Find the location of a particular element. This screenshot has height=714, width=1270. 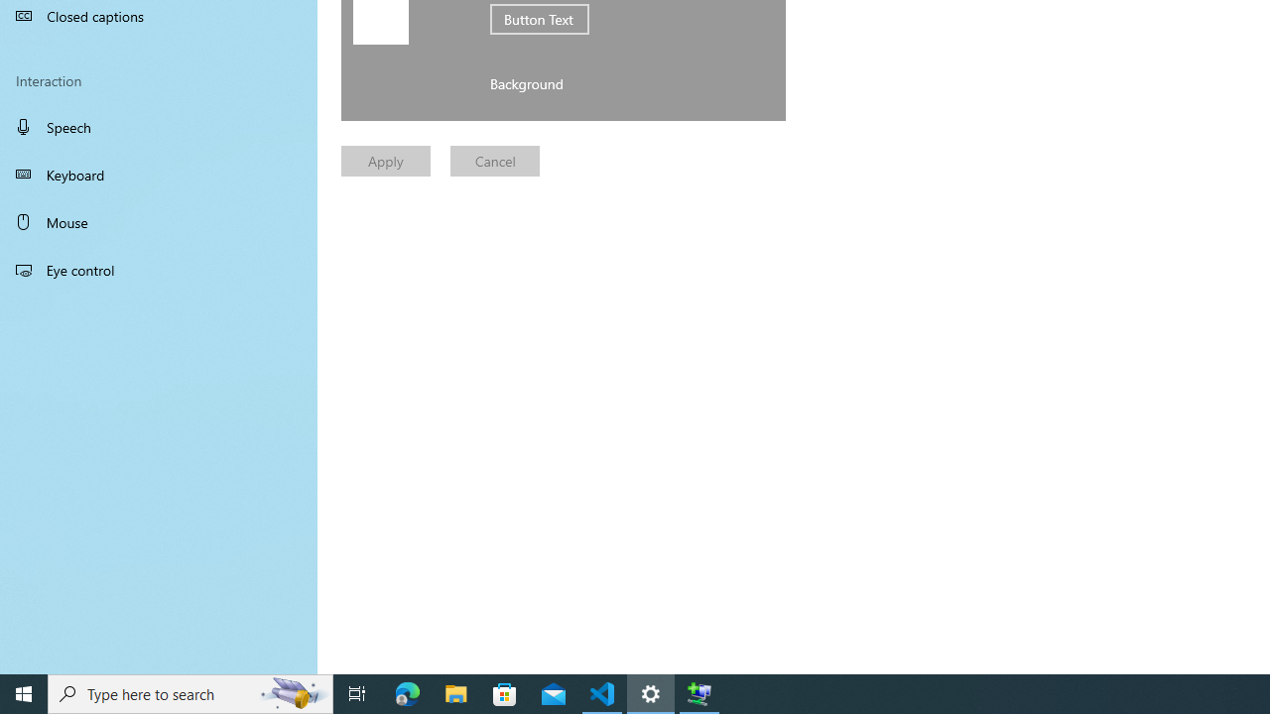

'File Explorer' is located at coordinates (455, 692).